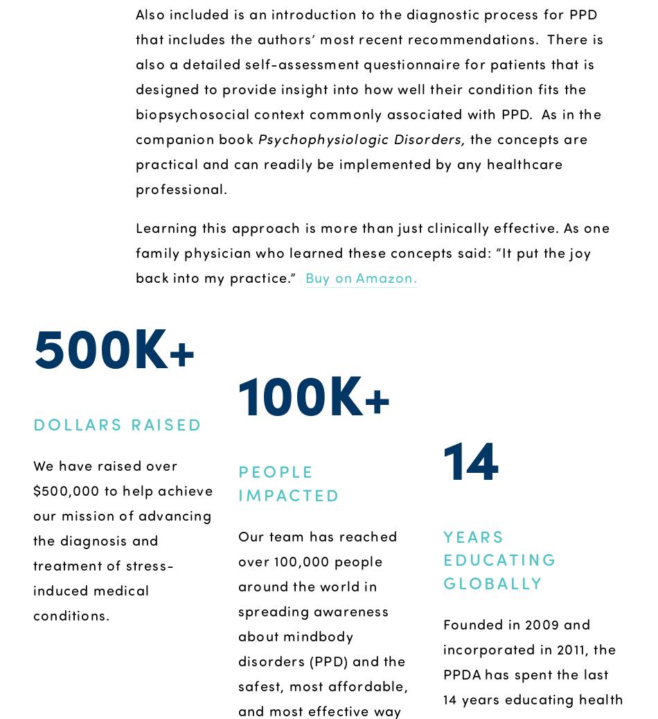 Image resolution: width=658 pixels, height=719 pixels. What do you see at coordinates (363, 137) in the screenshot?
I see `'Psychophysiologic Disorders,'` at bounding box center [363, 137].